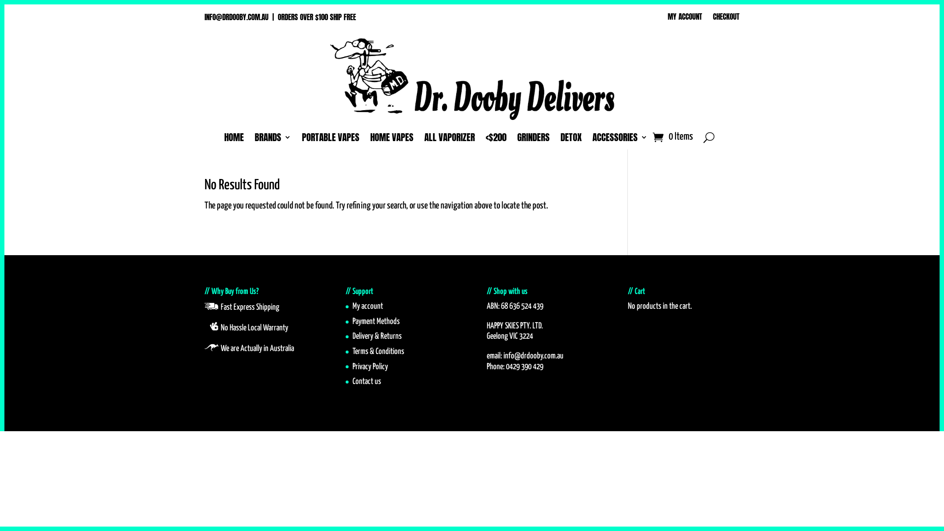 The height and width of the screenshot is (531, 944). I want to click on 'Payment Methods', so click(375, 322).